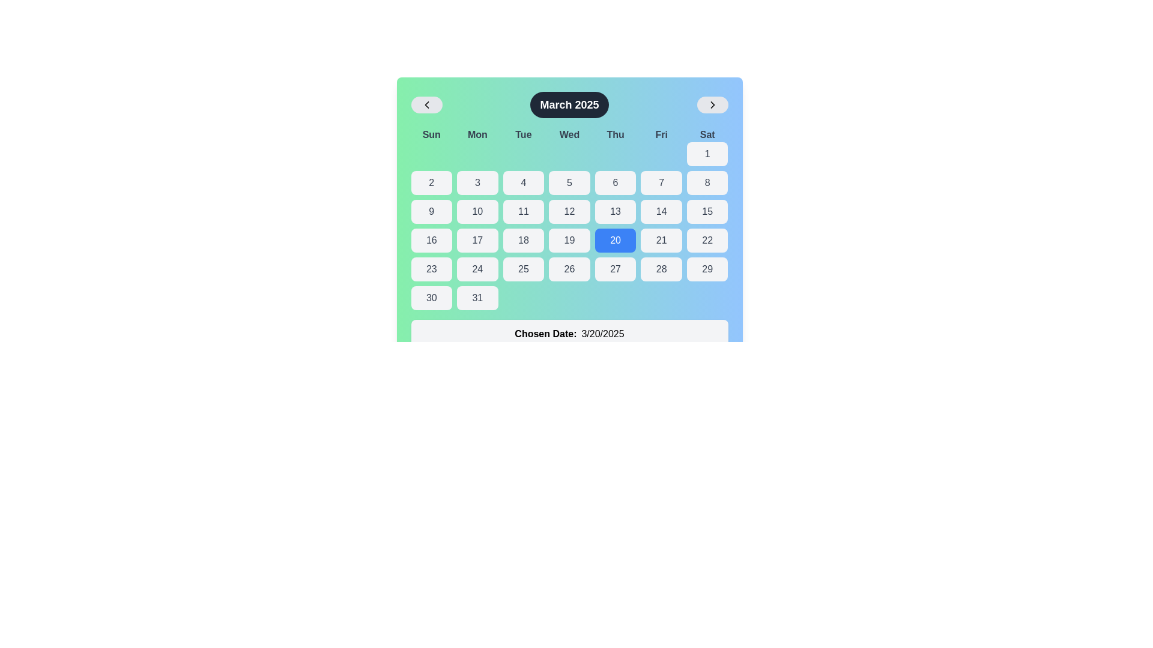  Describe the element at coordinates (616, 268) in the screenshot. I see `the button representing the date 27th of the current month in the calendar interface` at that location.